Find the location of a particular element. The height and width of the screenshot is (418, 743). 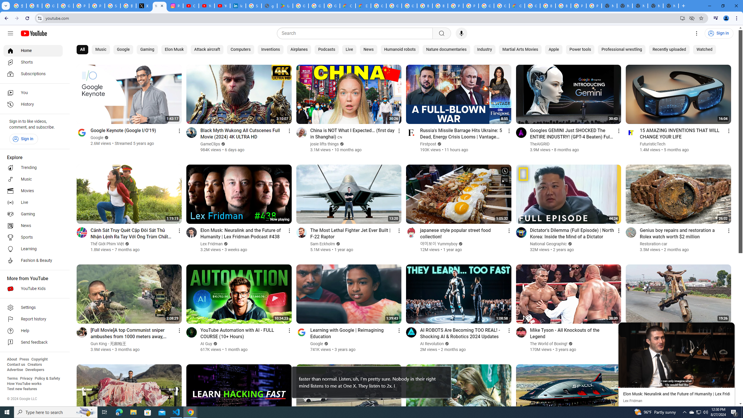

'X' is located at coordinates (144, 6).